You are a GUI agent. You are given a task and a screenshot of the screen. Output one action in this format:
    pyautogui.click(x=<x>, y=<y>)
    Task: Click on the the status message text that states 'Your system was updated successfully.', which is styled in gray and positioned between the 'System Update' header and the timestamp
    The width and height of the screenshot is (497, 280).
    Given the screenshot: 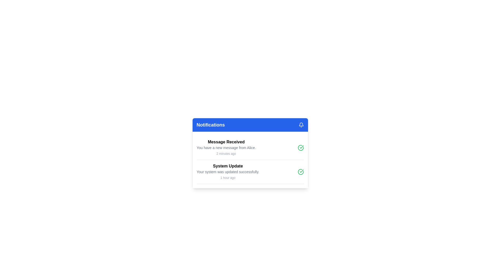 What is the action you would take?
    pyautogui.click(x=228, y=172)
    